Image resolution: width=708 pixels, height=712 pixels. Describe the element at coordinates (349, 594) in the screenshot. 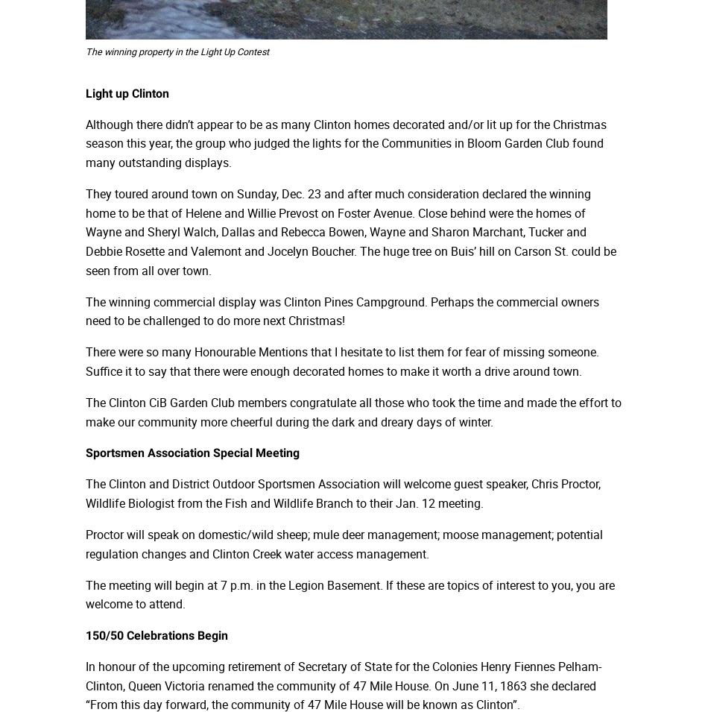

I see `'The meeting will begin at 7 p.m. in the Legion Basement. If these are topics of interest to you, you are welcome to attend.'` at that location.